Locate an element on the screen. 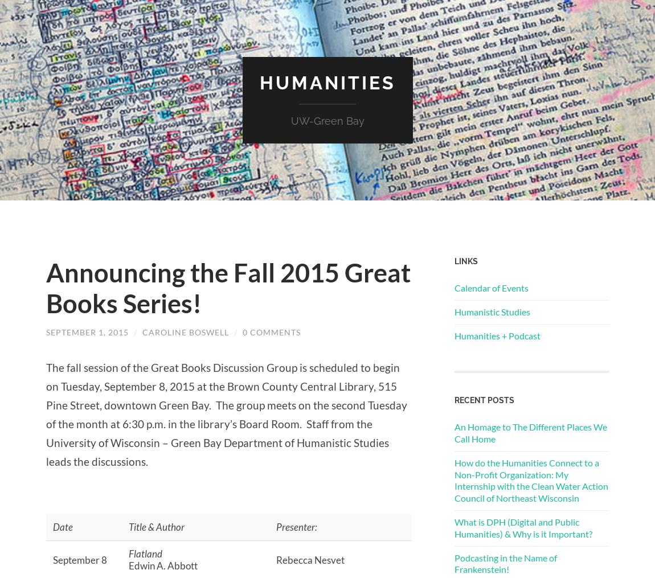 Image resolution: width=655 pixels, height=578 pixels. '0 Comments' is located at coordinates (242, 331).